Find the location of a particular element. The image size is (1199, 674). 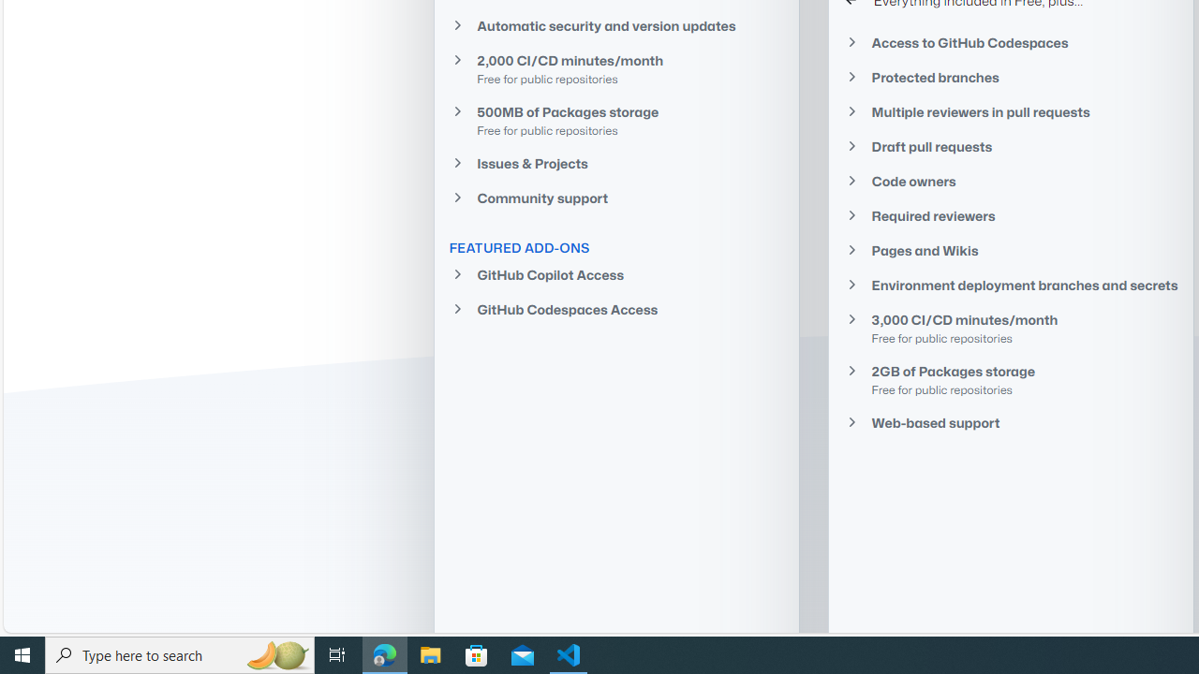

'GitHub Copilot Access' is located at coordinates (615, 274).